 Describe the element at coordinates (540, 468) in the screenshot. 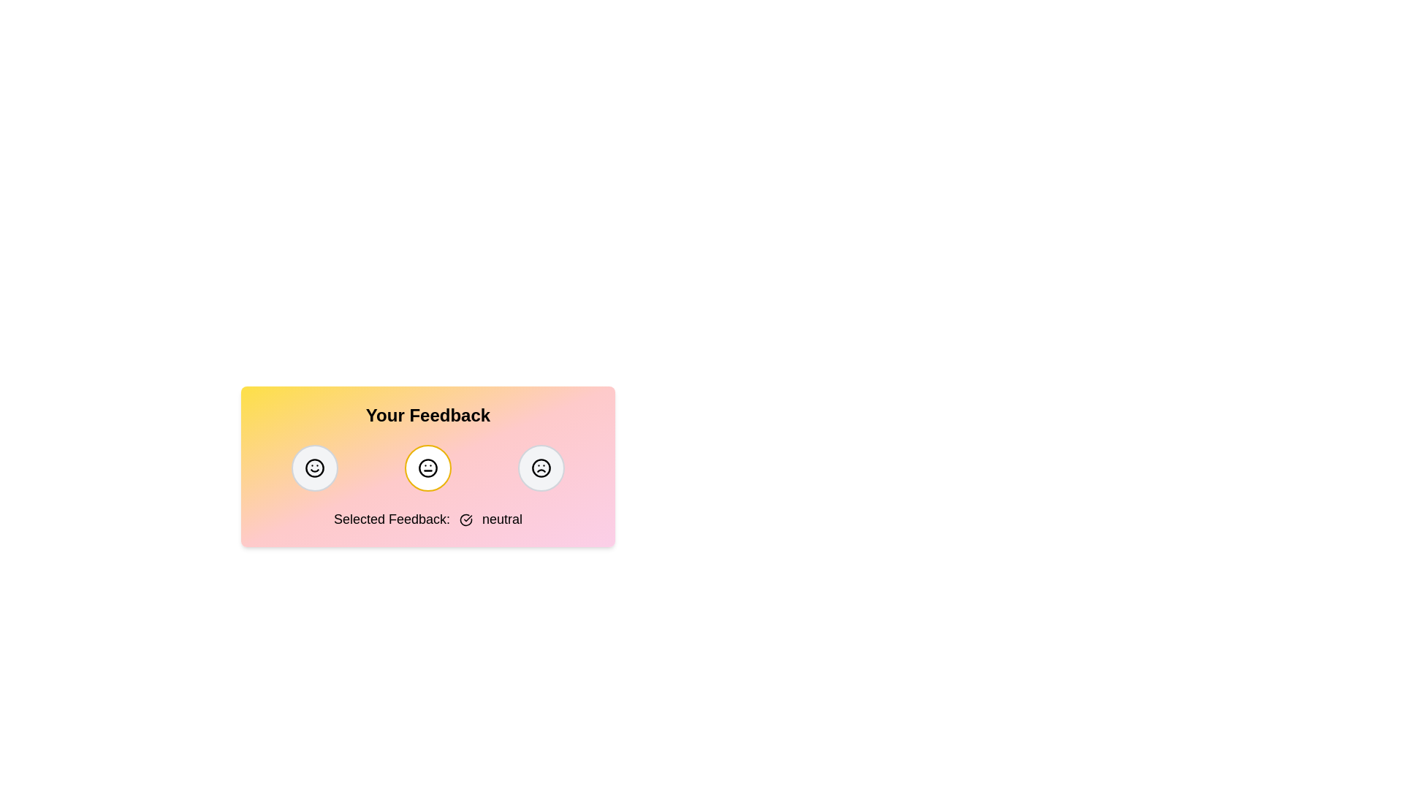

I see `the feedback button corresponding to negative` at that location.